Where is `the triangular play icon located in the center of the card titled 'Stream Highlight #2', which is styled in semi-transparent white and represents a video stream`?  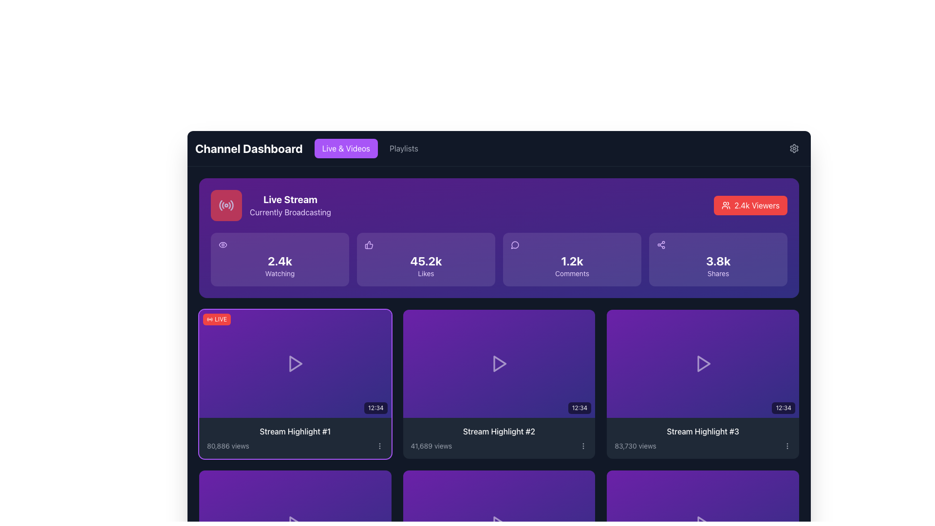 the triangular play icon located in the center of the card titled 'Stream Highlight #2', which is styled in semi-transparent white and represents a video stream is located at coordinates (500, 364).